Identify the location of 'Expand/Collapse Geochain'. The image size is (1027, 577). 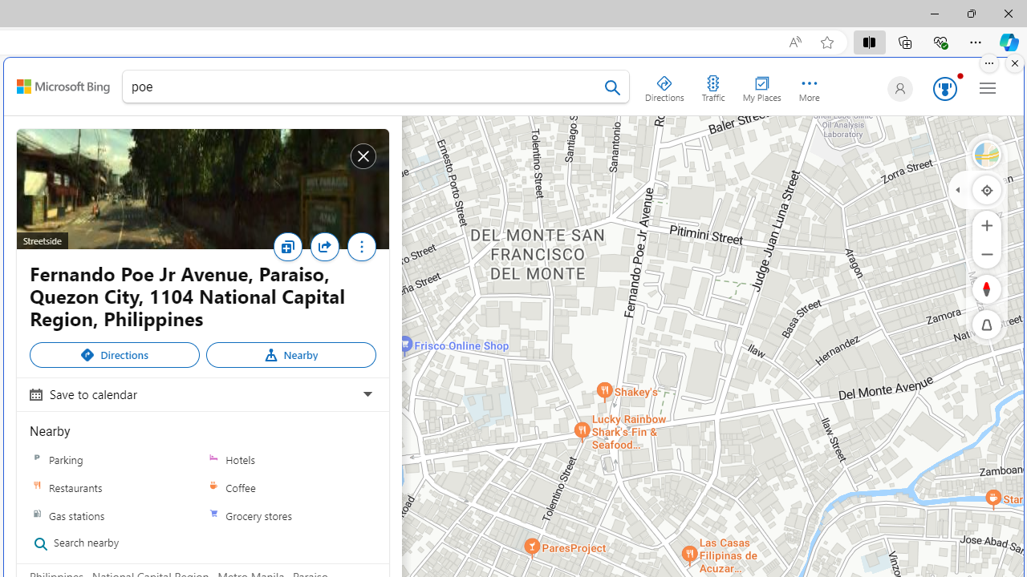
(957, 188).